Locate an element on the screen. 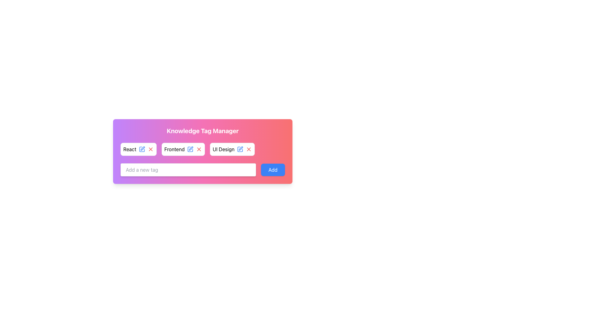 This screenshot has width=598, height=336. the text label displaying 'Frontend' which is the second tag in a horizontal list of tags, positioned centrally between 'React' and 'UI Design' is located at coordinates (174, 149).